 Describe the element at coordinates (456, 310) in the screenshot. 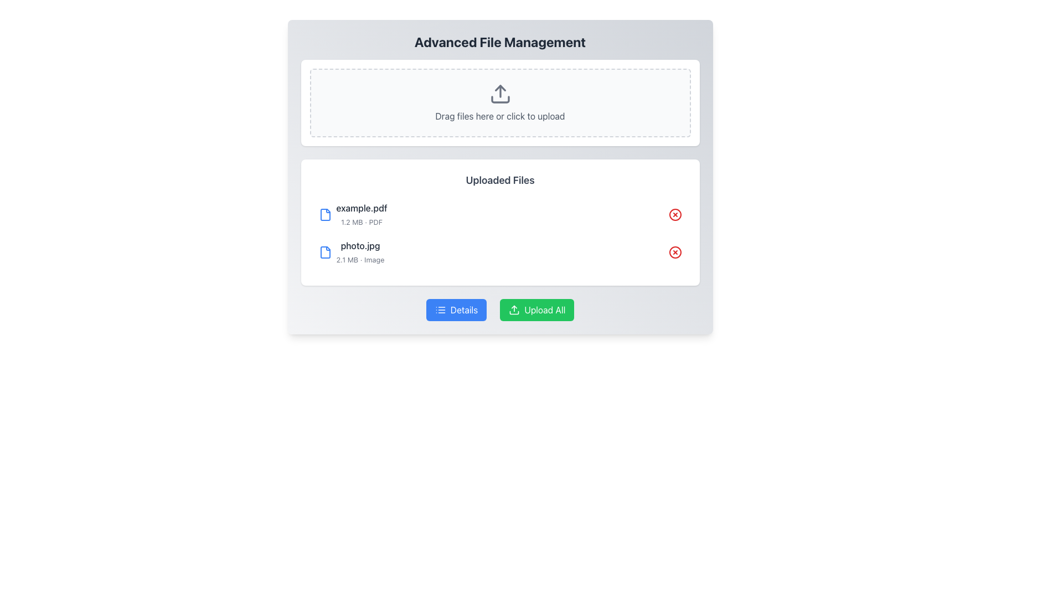

I see `the button located at the bottom center of the interface, positioned to the left of the green 'Upload All' button` at that location.